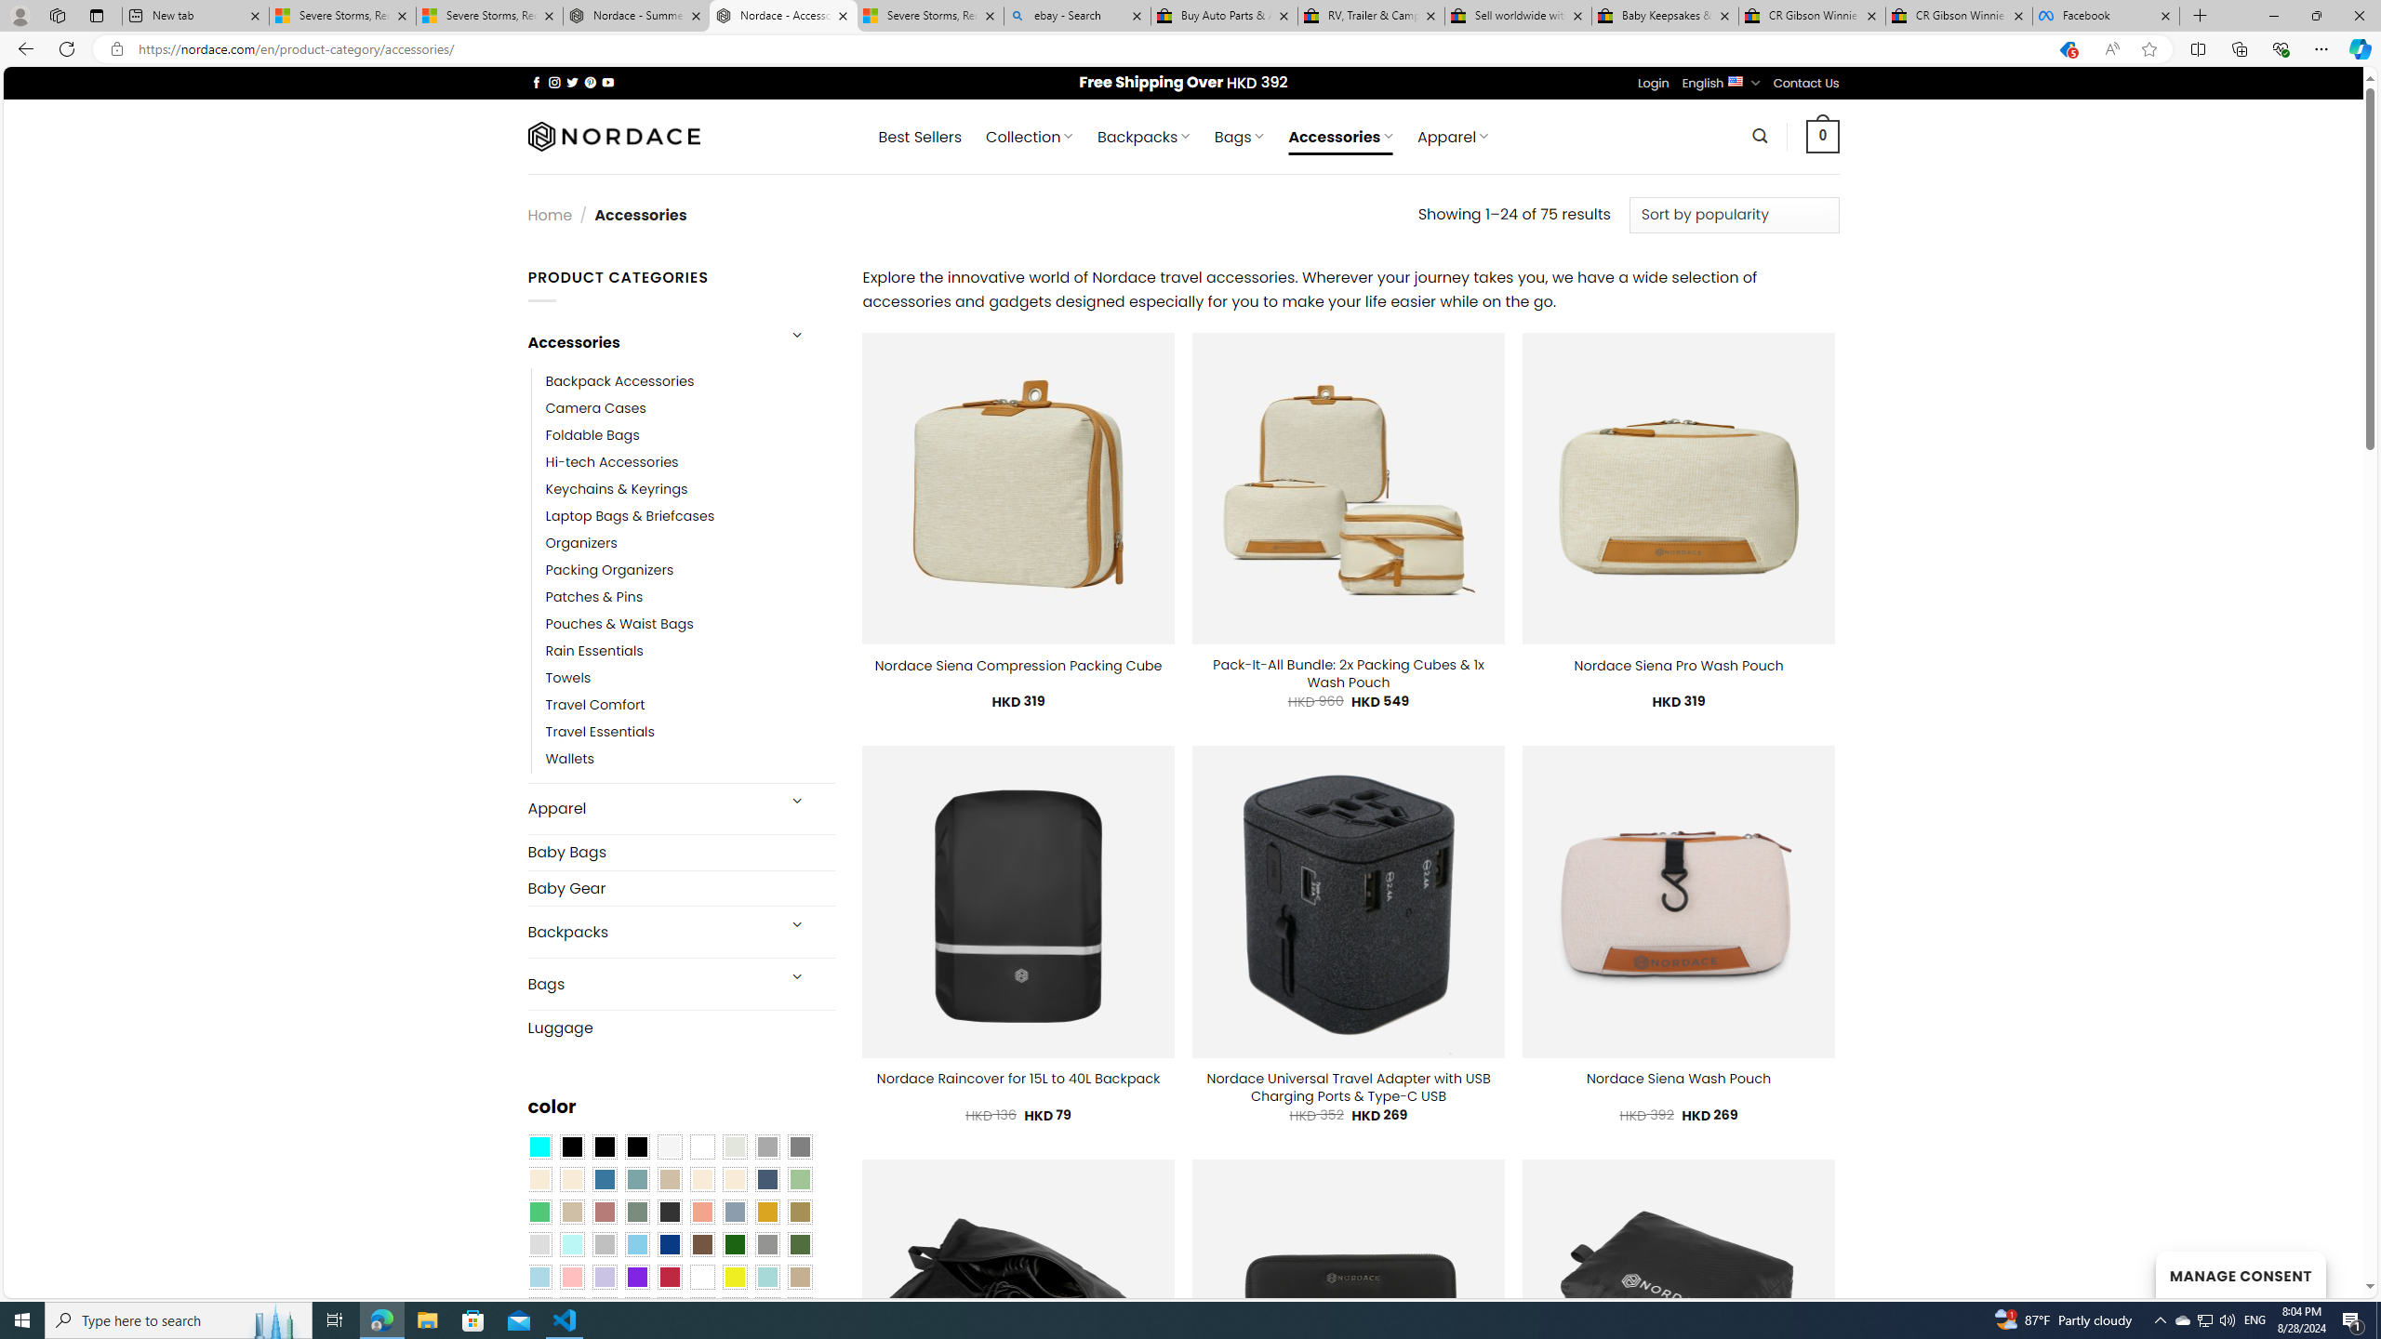 This screenshot has width=2381, height=1339. What do you see at coordinates (765, 1212) in the screenshot?
I see `'Gold'` at bounding box center [765, 1212].